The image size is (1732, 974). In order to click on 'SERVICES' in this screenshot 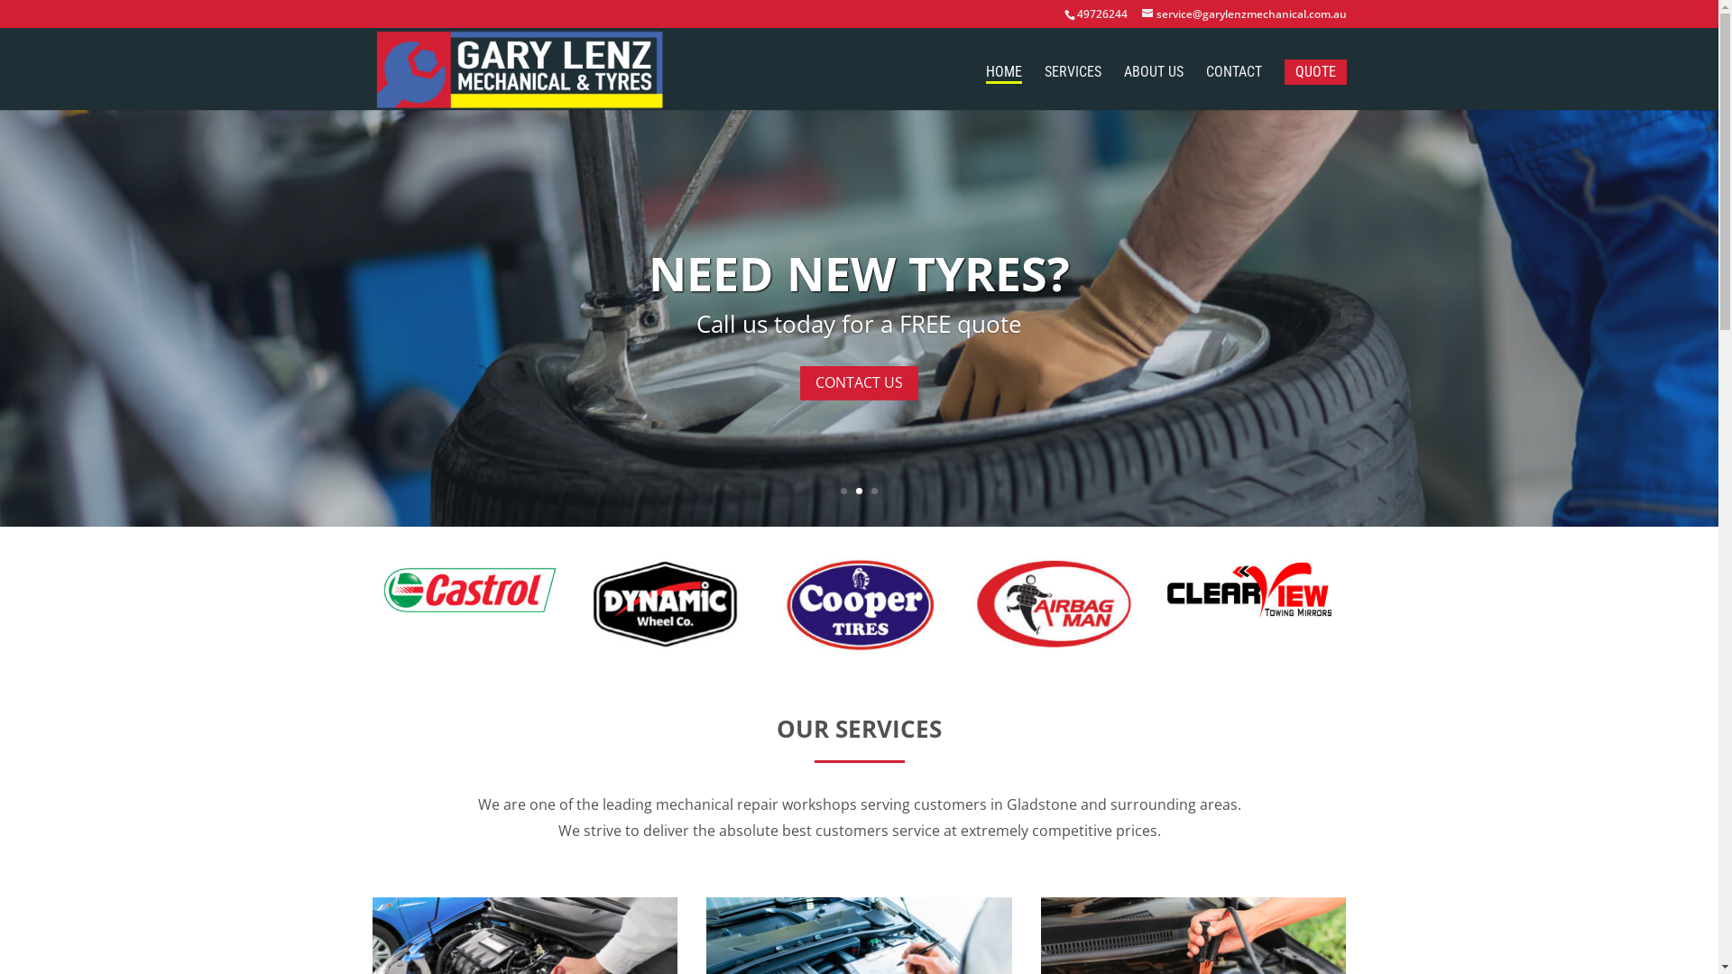, I will do `click(1073, 87)`.